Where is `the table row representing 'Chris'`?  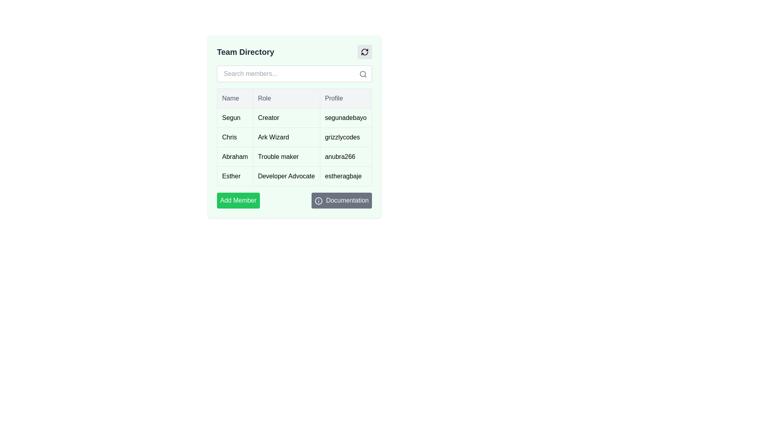 the table row representing 'Chris' is located at coordinates (294, 147).